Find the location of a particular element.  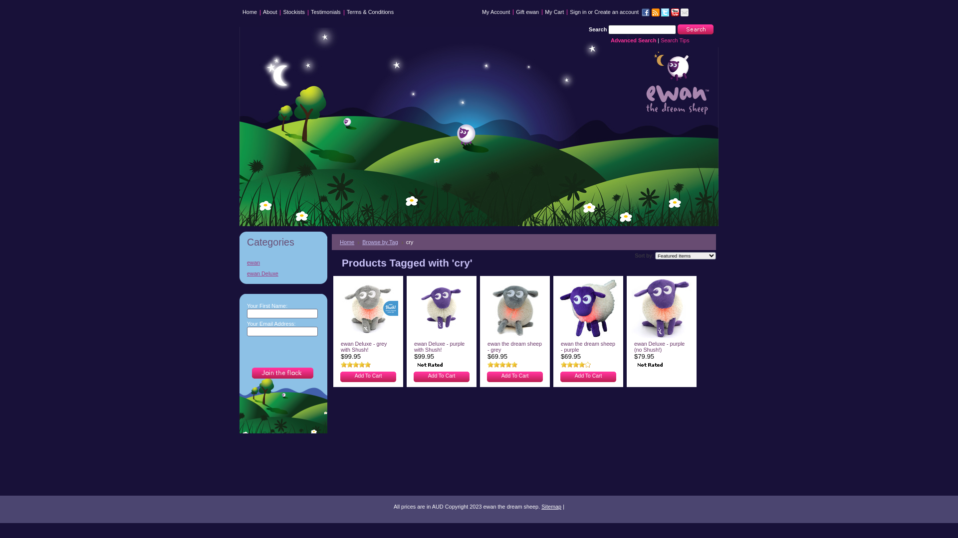

'Testimonials' is located at coordinates (325, 13).